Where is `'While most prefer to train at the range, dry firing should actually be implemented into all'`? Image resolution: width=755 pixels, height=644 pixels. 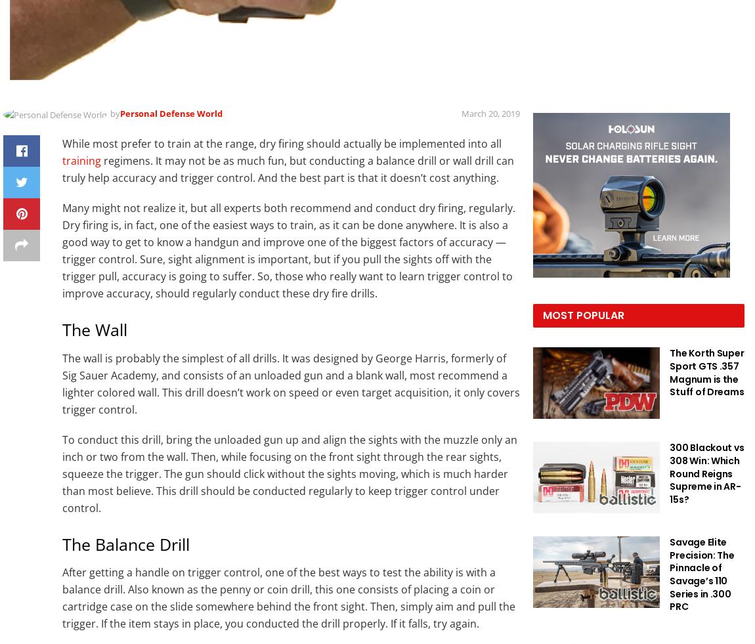 'While most prefer to train at the range, dry firing should actually be implemented into all' is located at coordinates (282, 142).